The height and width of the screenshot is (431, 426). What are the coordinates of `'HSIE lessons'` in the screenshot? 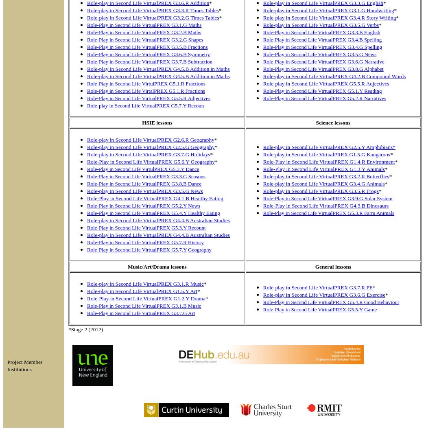 It's located at (157, 123).